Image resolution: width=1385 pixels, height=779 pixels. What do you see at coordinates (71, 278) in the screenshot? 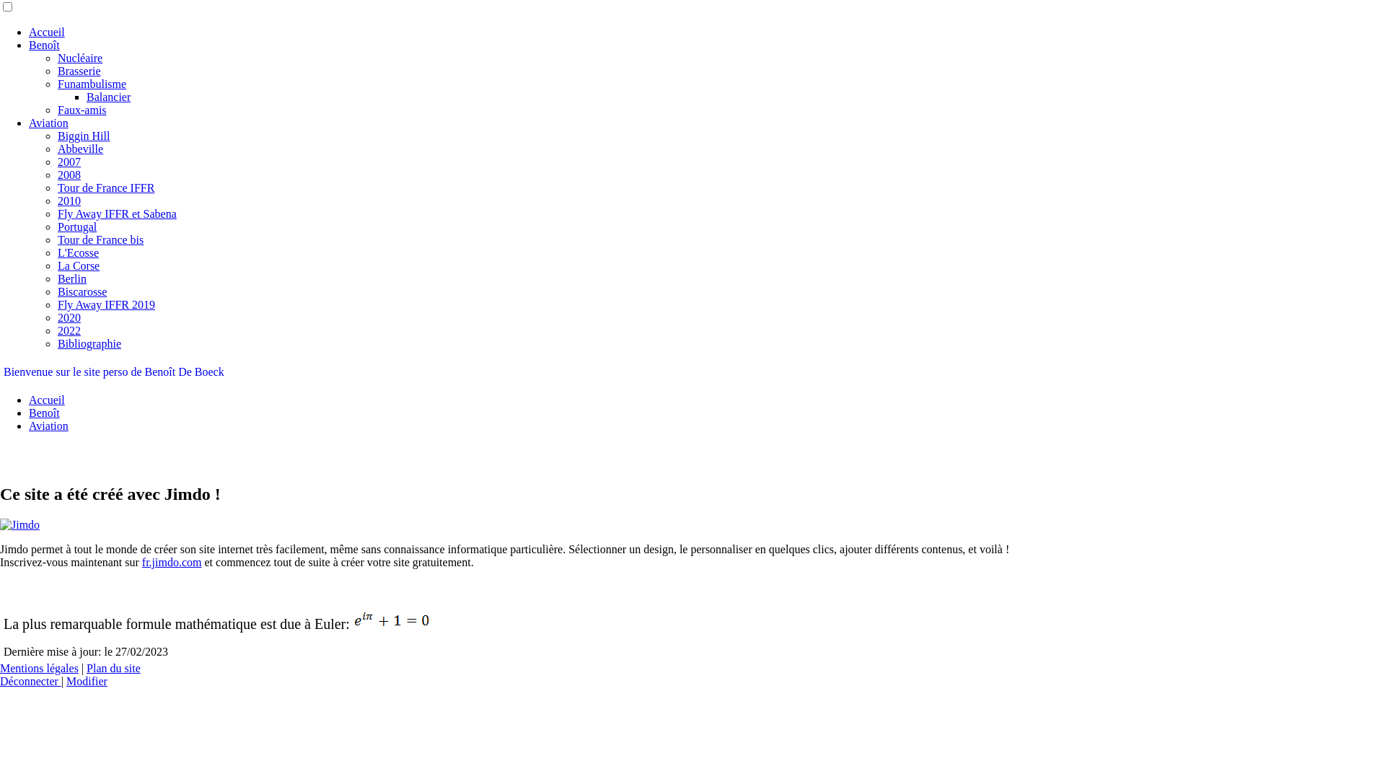
I see `'Berlin'` at bounding box center [71, 278].